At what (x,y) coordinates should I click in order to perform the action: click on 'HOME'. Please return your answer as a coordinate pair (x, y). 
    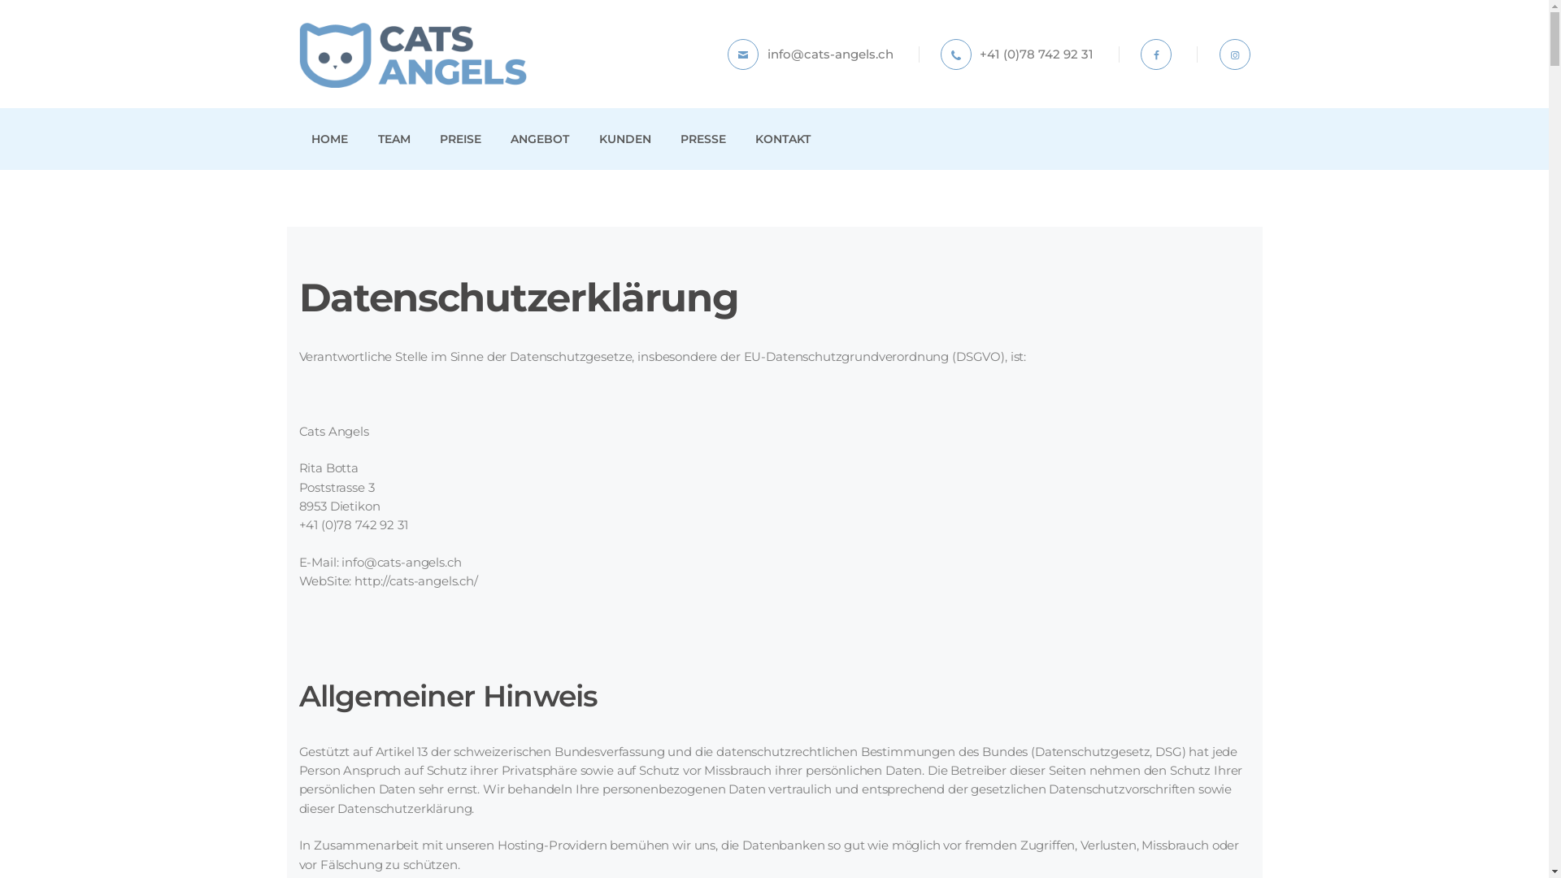
    Looking at the image, I should click on (329, 137).